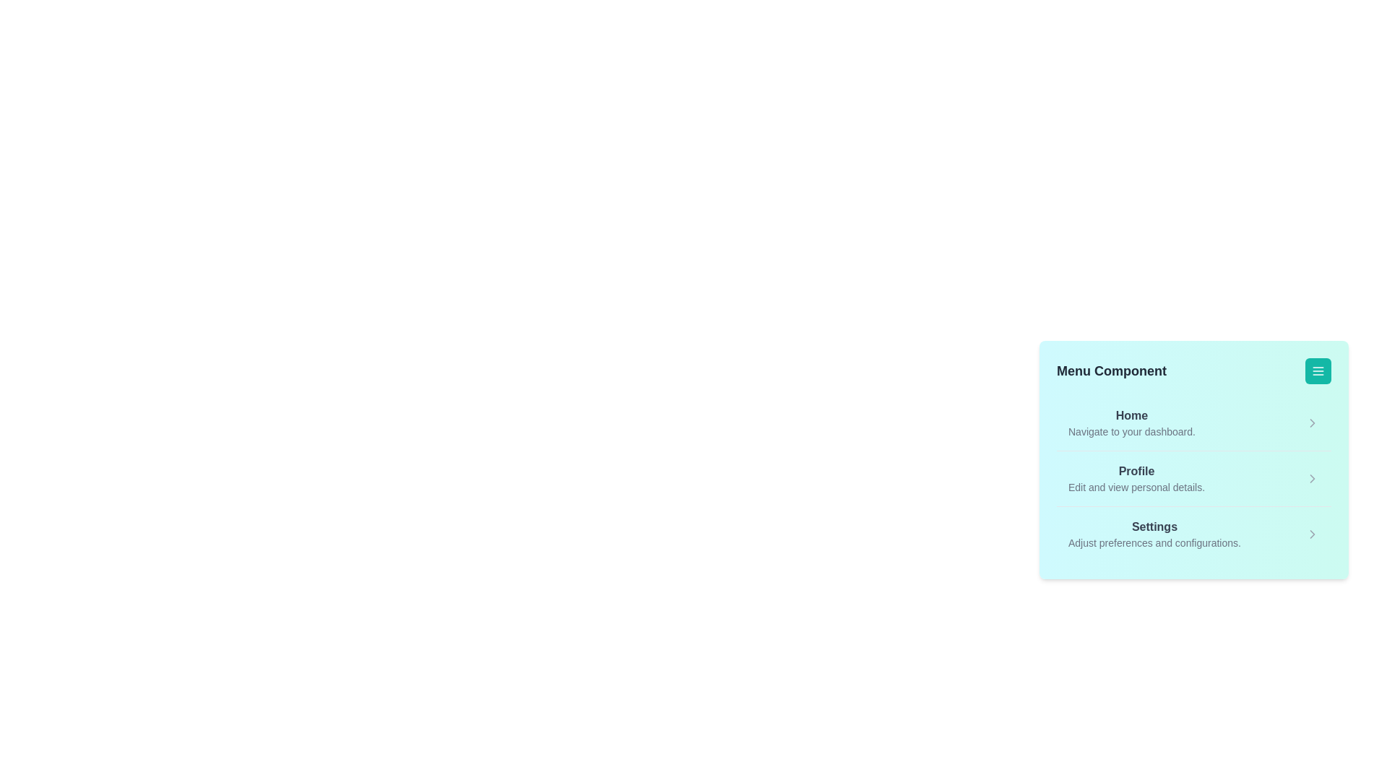  What do you see at coordinates (1136, 479) in the screenshot?
I see `the menu item Profile from the menu list` at bounding box center [1136, 479].